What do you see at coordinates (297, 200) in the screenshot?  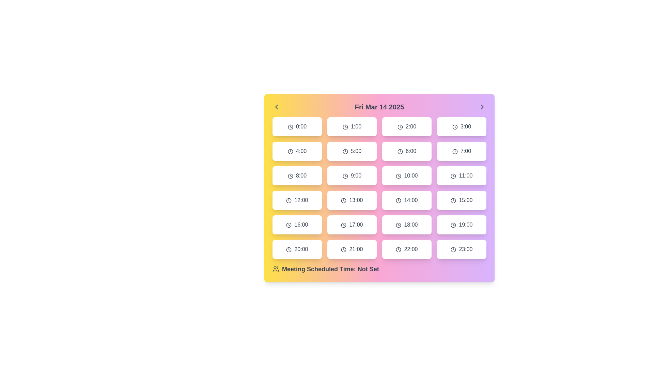 I see `the button displaying '12:00'` at bounding box center [297, 200].